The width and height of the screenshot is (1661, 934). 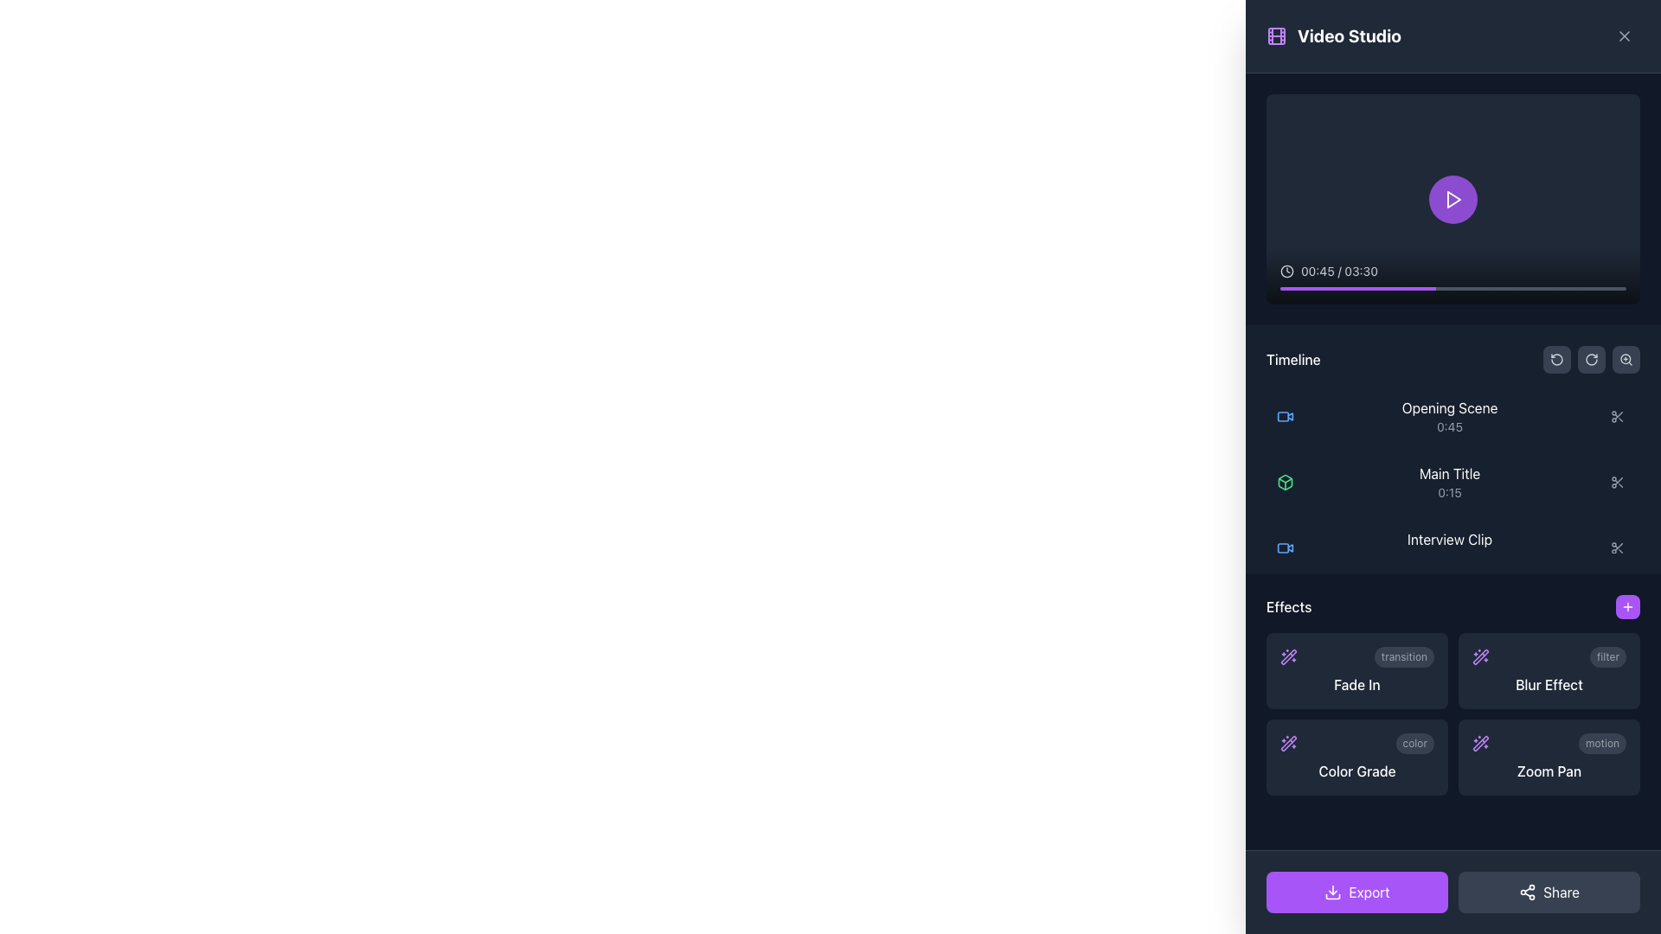 I want to click on the decorative rectangle element within the SVG graphic that is part of the film strip icon in the 'Video Studio' sidebar, so click(x=1277, y=36).